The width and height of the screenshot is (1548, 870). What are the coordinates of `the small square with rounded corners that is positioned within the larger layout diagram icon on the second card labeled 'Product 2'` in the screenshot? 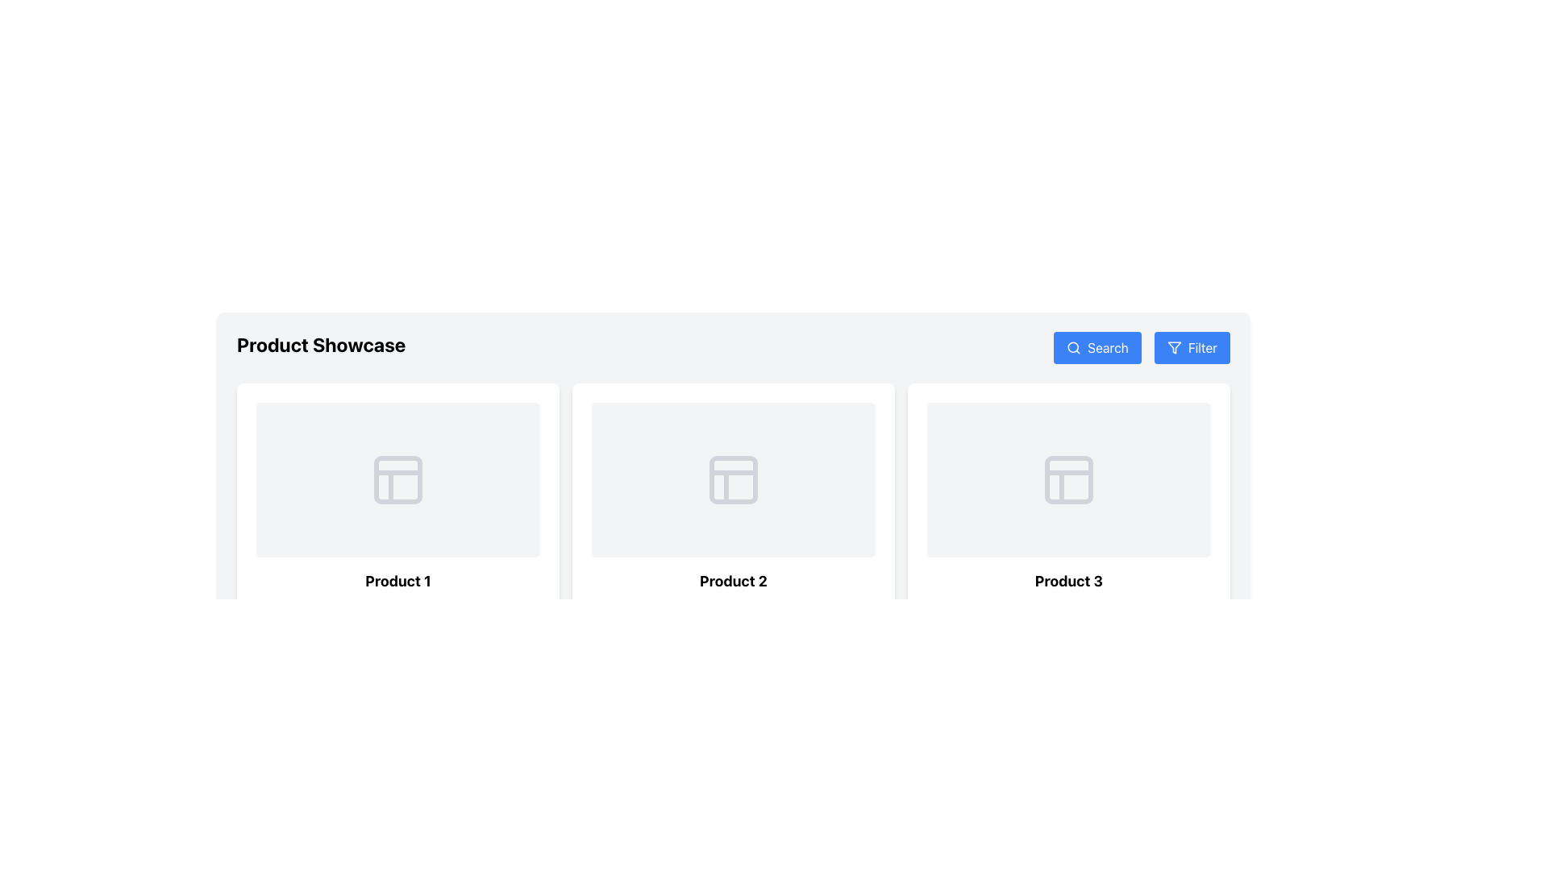 It's located at (733, 479).